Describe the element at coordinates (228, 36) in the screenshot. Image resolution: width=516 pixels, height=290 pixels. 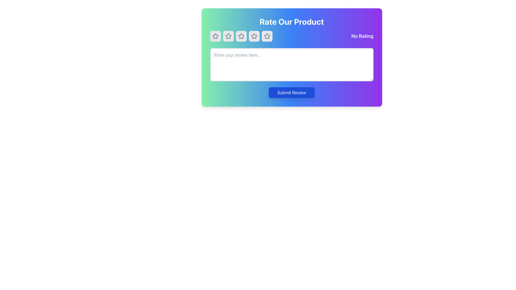
I see `the second star-shaped rating icon` at that location.